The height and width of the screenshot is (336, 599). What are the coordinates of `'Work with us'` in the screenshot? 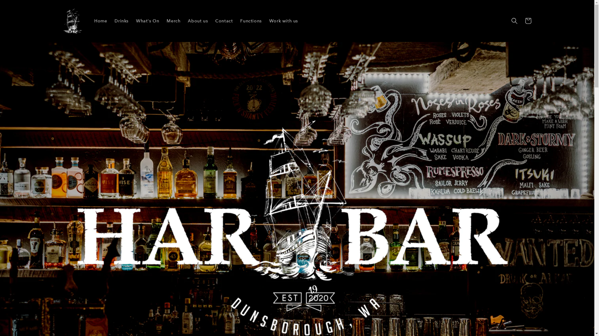 It's located at (265, 20).